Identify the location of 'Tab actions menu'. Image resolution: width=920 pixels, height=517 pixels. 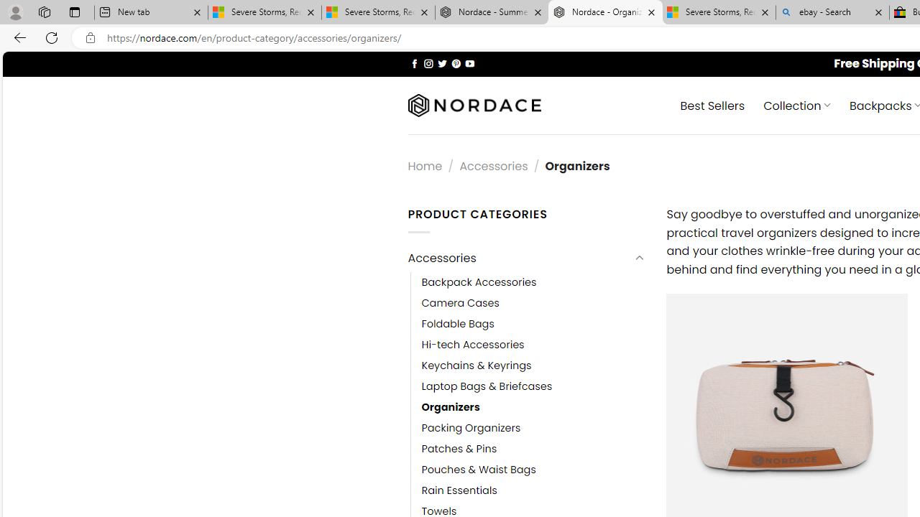
(74, 11).